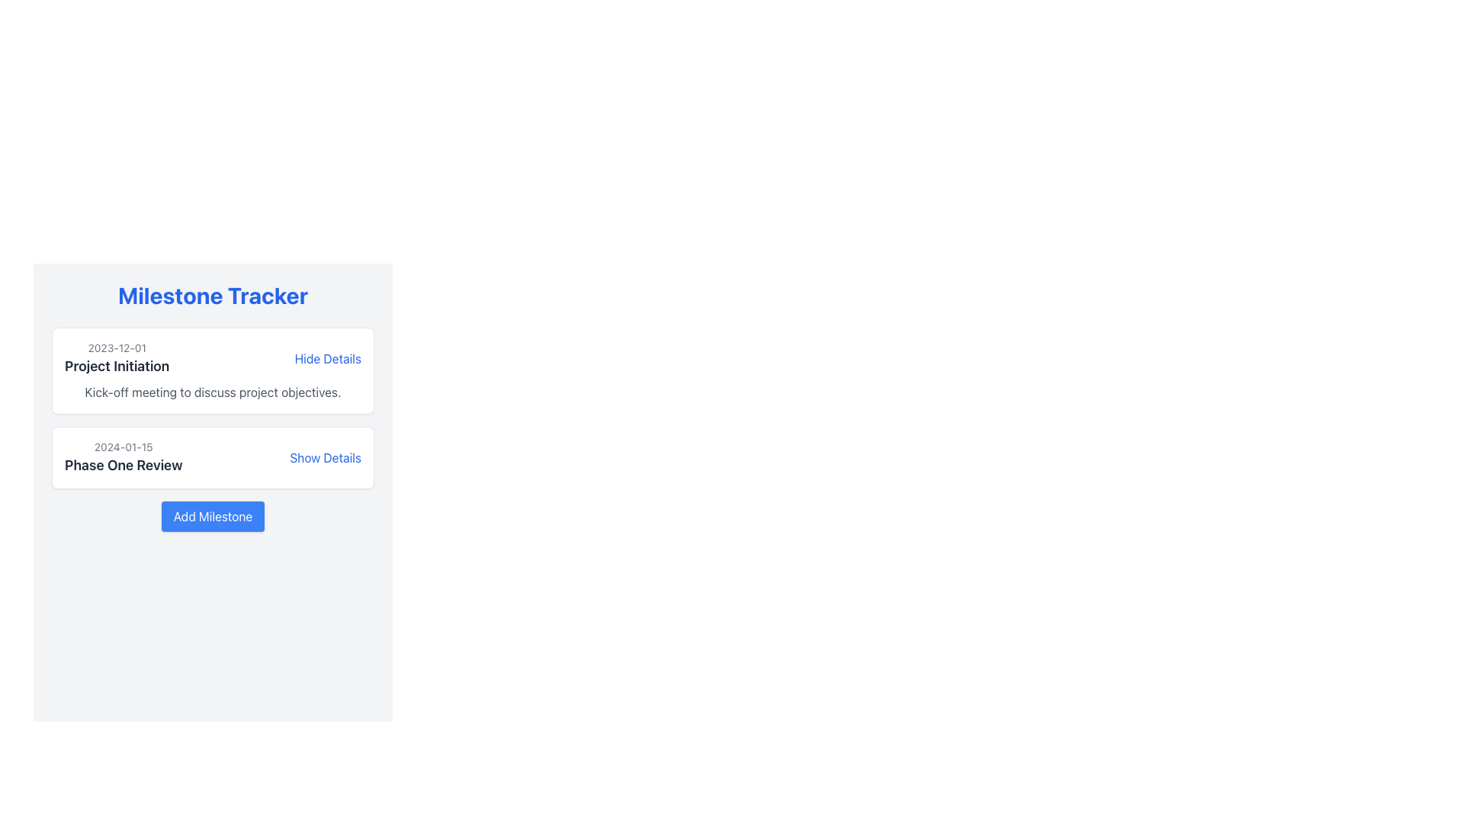 This screenshot has height=823, width=1464. Describe the element at coordinates (327, 358) in the screenshot. I see `the 'Hide Details' hyperlink, which is styled in blue with an underline and is located on the right side of the 'Project Initiation' milestone card` at that location.